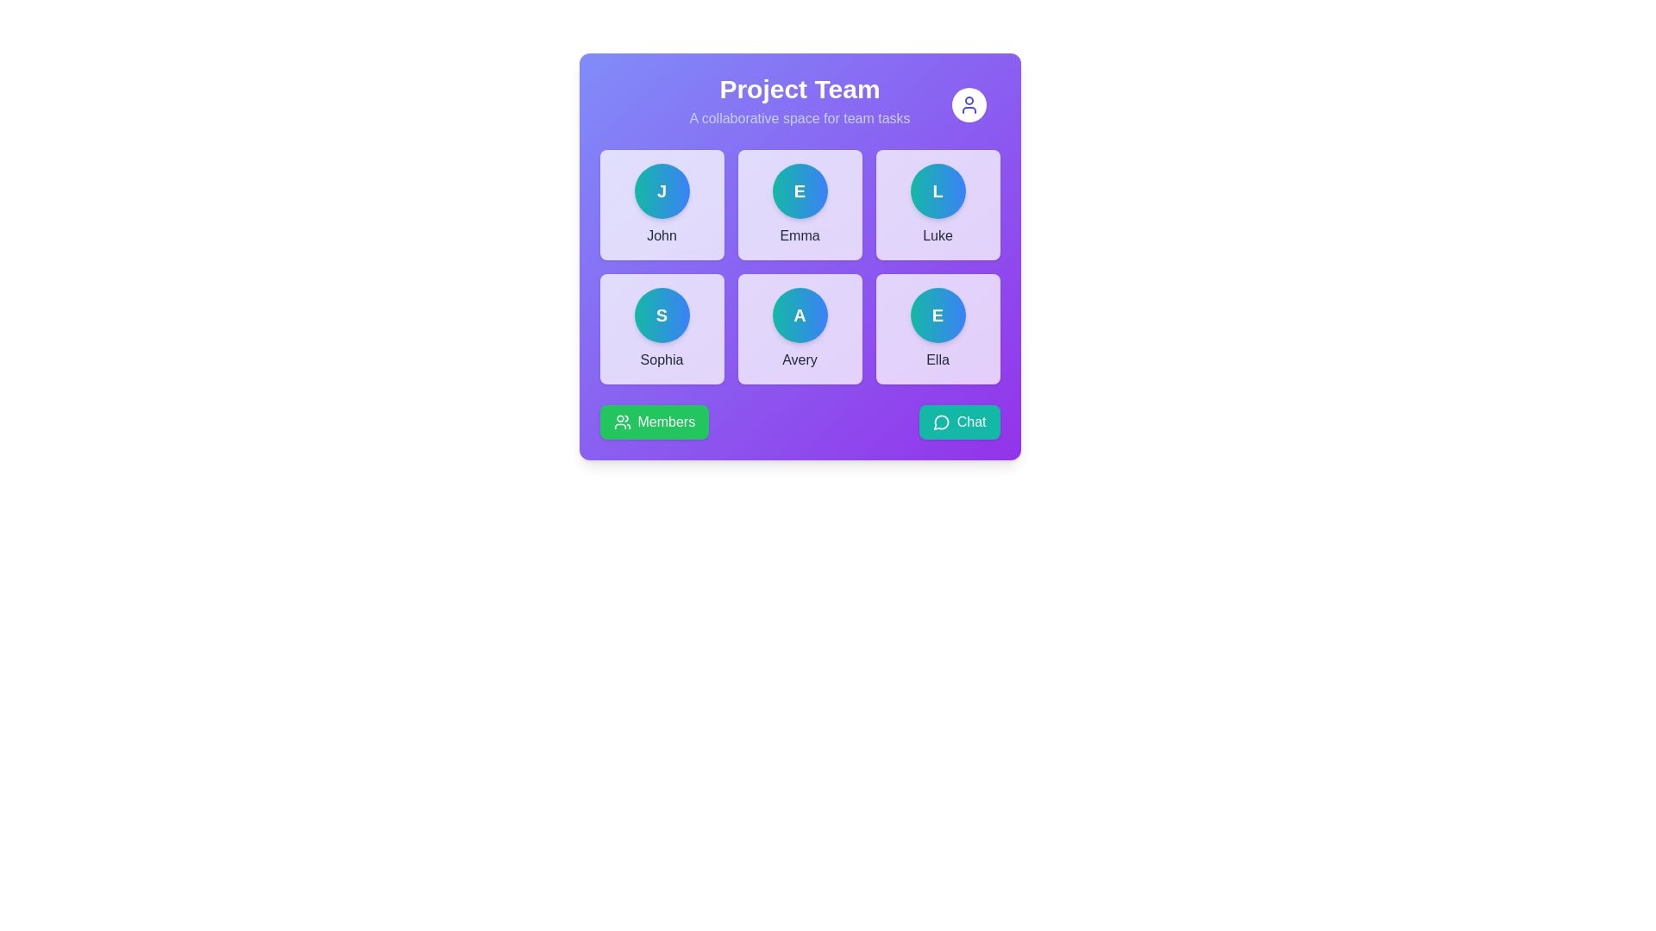  I want to click on the user profile icon located at the top-right corner of the interface, so click(969, 105).